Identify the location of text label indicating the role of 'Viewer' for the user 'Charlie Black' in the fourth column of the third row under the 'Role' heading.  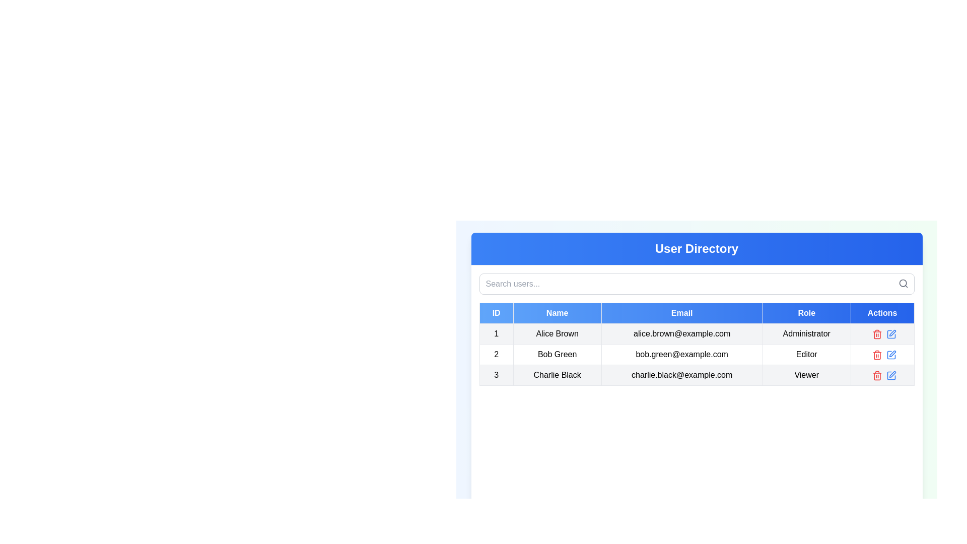
(806, 375).